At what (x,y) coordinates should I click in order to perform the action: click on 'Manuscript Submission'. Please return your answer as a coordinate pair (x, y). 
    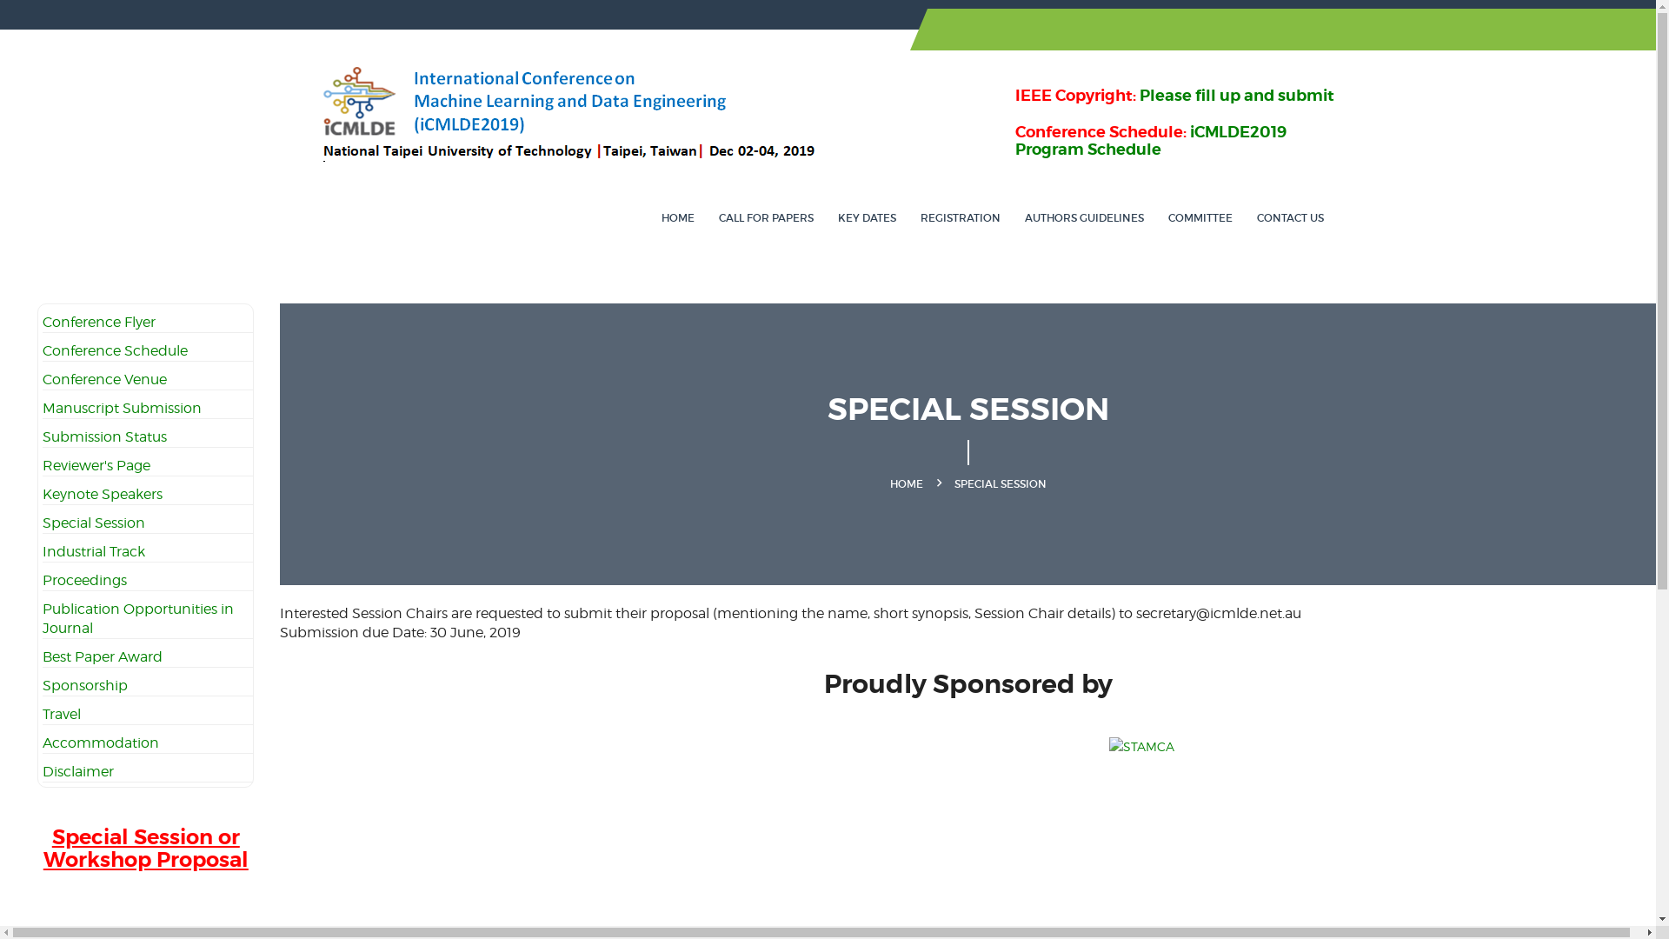
    Looking at the image, I should click on (121, 408).